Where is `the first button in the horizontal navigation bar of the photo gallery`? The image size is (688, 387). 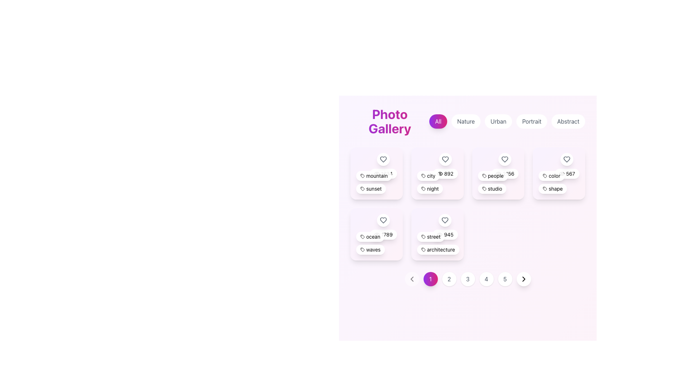 the first button in the horizontal navigation bar of the photo gallery is located at coordinates (430, 278).